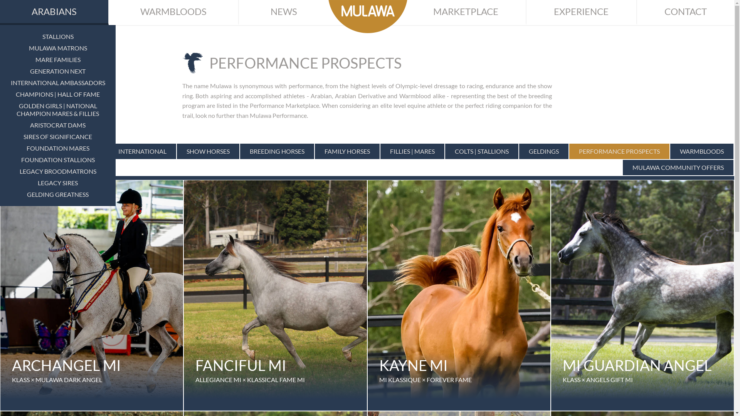 Image resolution: width=740 pixels, height=416 pixels. Describe the element at coordinates (57, 71) in the screenshot. I see `'GENERATION NEXT'` at that location.